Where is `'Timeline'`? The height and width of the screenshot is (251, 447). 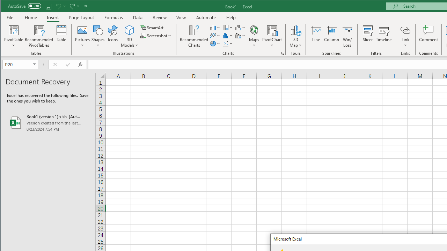 'Timeline' is located at coordinates (383, 36).